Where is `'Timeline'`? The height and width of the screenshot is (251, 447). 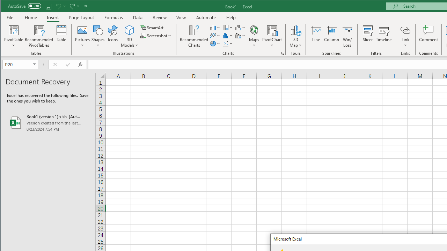 'Timeline' is located at coordinates (383, 36).